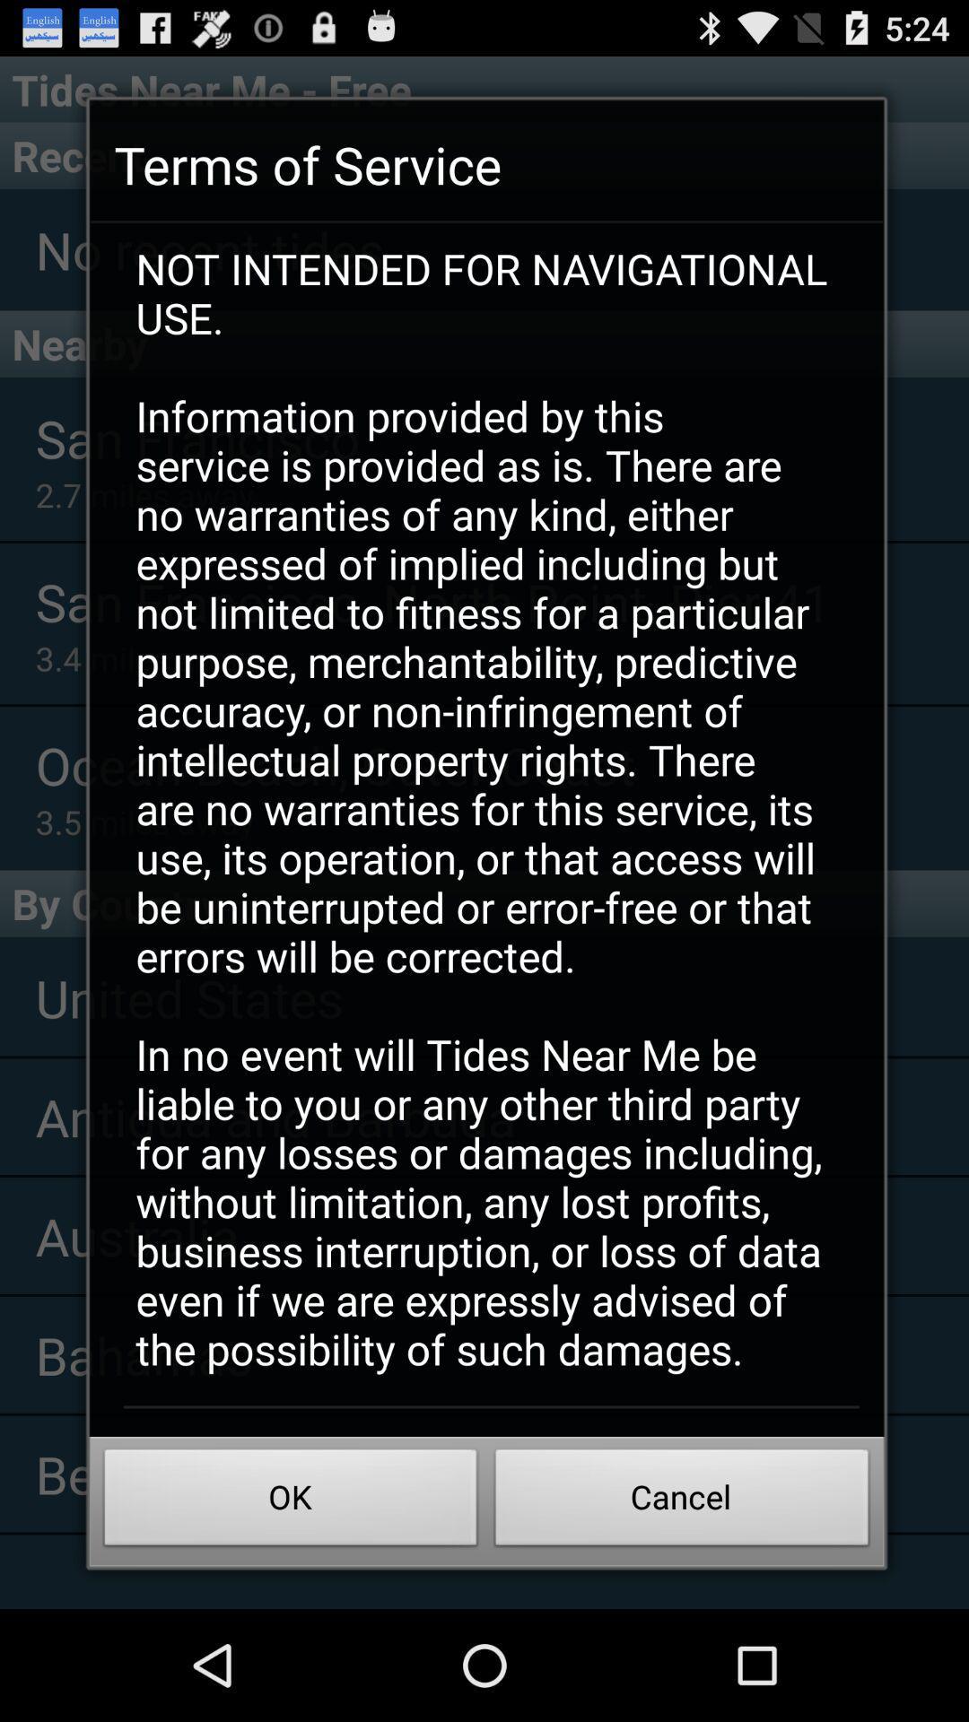  I want to click on the item next to ok item, so click(682, 1502).